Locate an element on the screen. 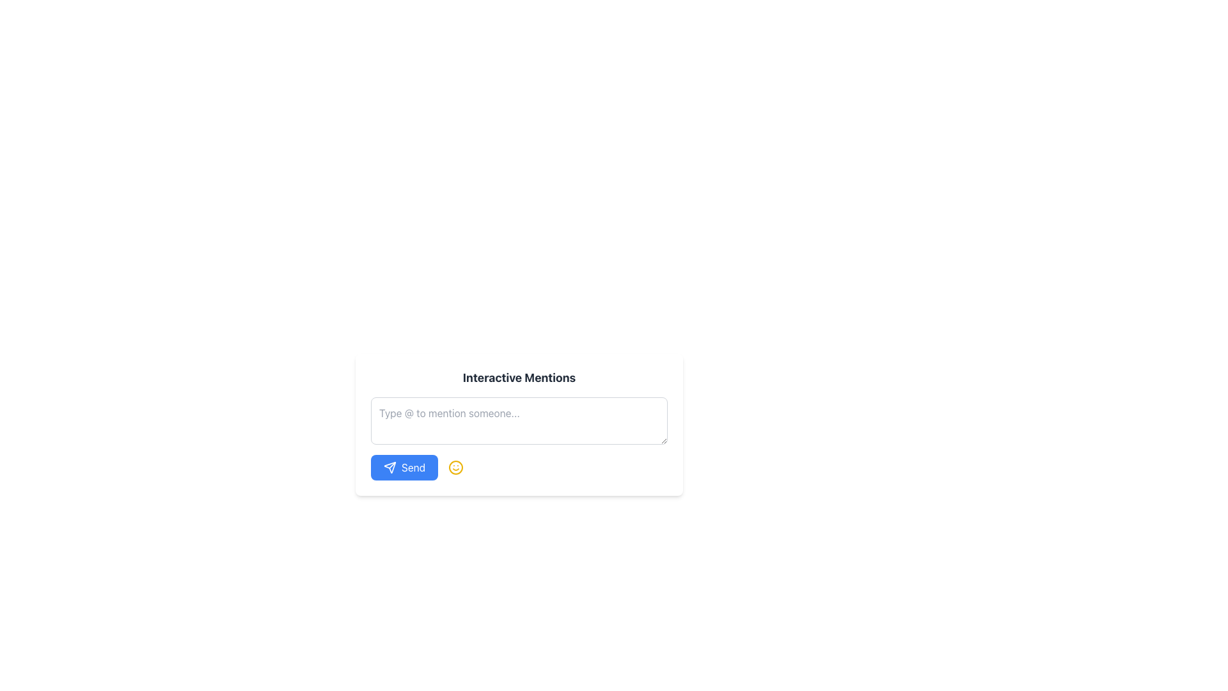 Image resolution: width=1228 pixels, height=691 pixels. the 'Send' icon, which visually indicates the action to submit or dispatch information, located on the left side of the blue 'Send' button is located at coordinates (389, 468).